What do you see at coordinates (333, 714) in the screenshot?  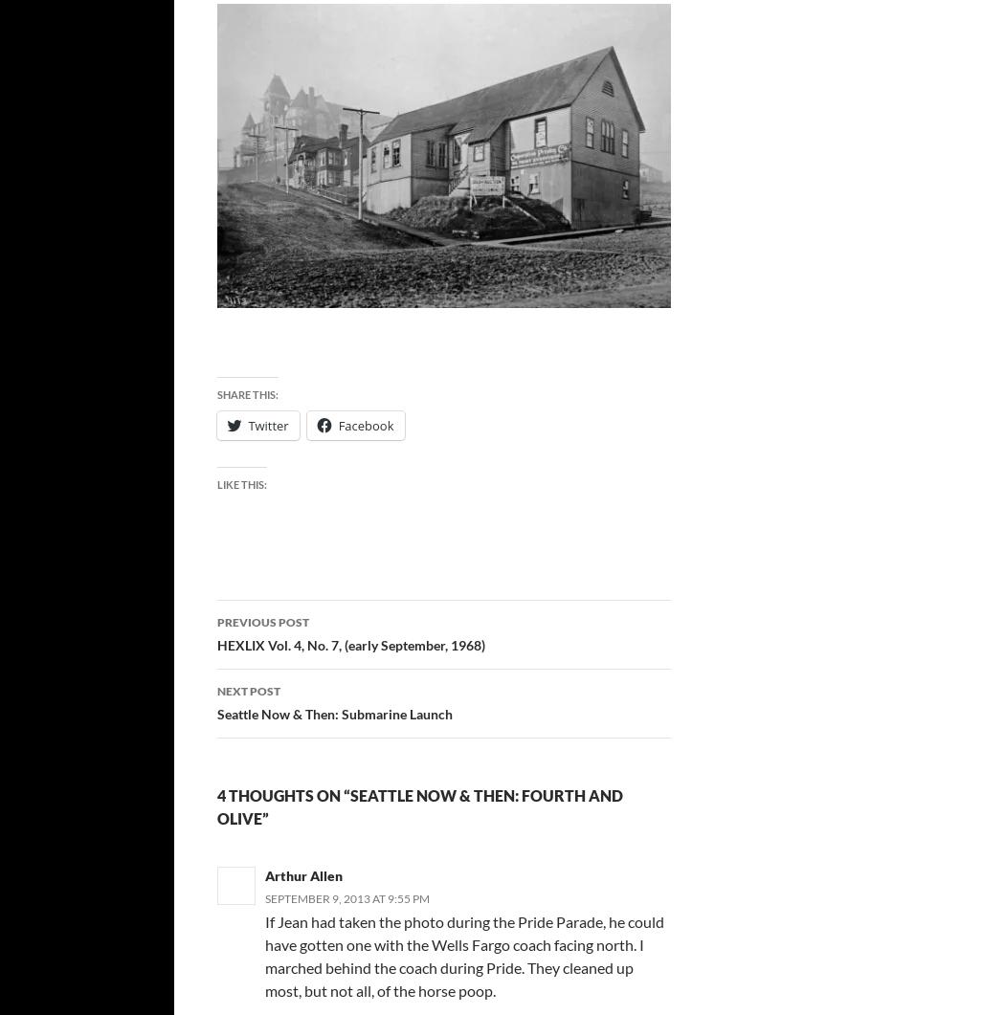 I see `'Seattle Now & Then: Submarine Launch'` at bounding box center [333, 714].